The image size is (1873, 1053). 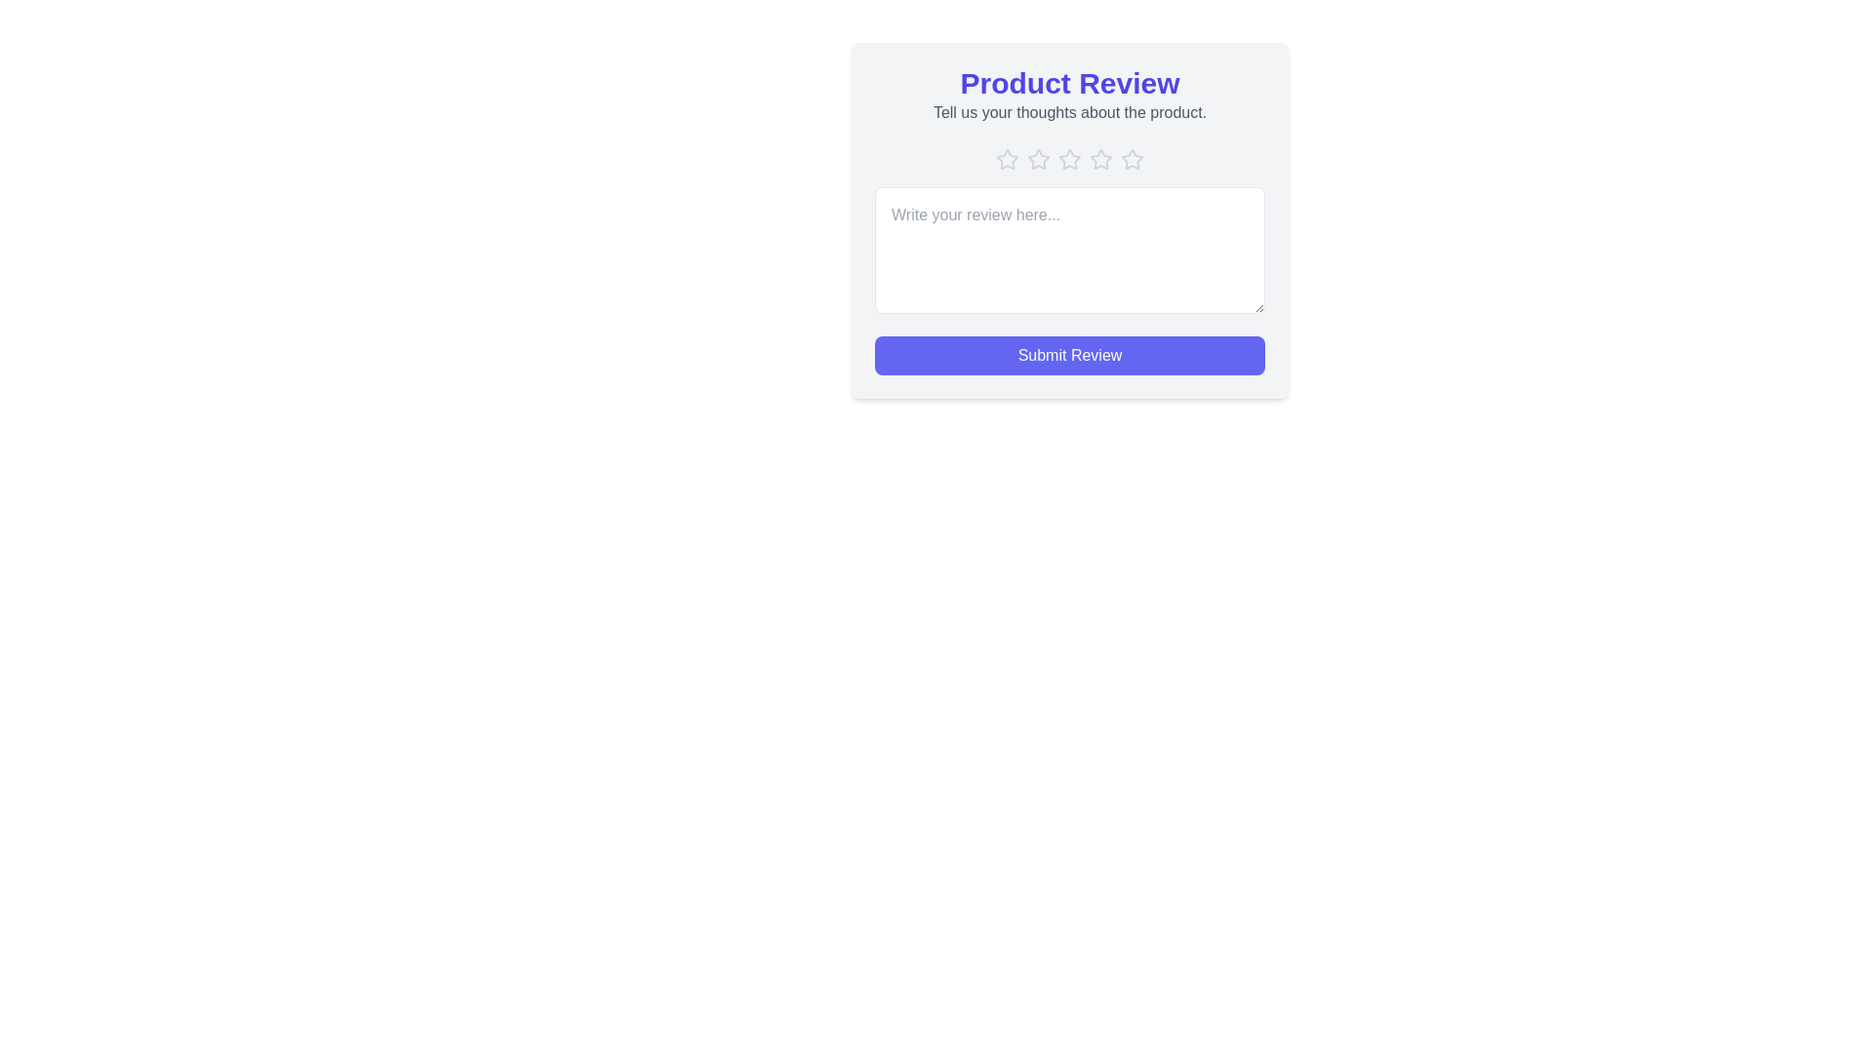 What do you see at coordinates (1007, 158) in the screenshot?
I see `the first graphical rating star` at bounding box center [1007, 158].